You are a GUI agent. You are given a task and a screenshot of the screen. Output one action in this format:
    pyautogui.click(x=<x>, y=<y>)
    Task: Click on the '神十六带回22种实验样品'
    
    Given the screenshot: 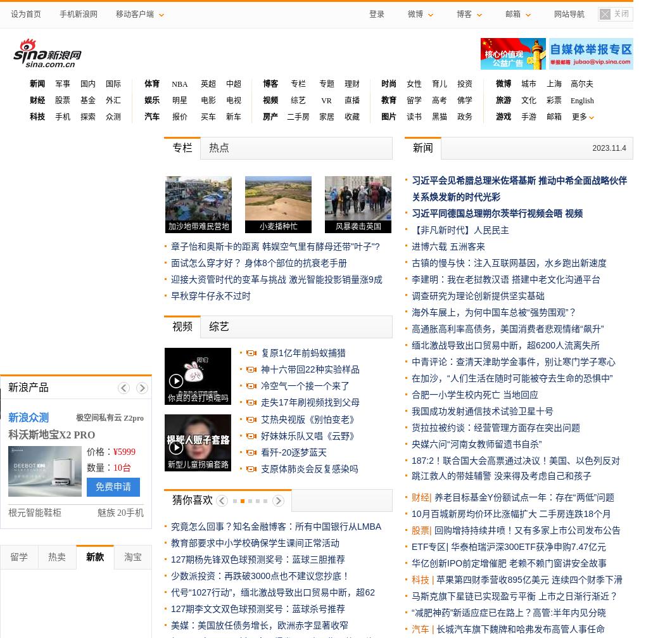 What is the action you would take?
    pyautogui.click(x=310, y=368)
    